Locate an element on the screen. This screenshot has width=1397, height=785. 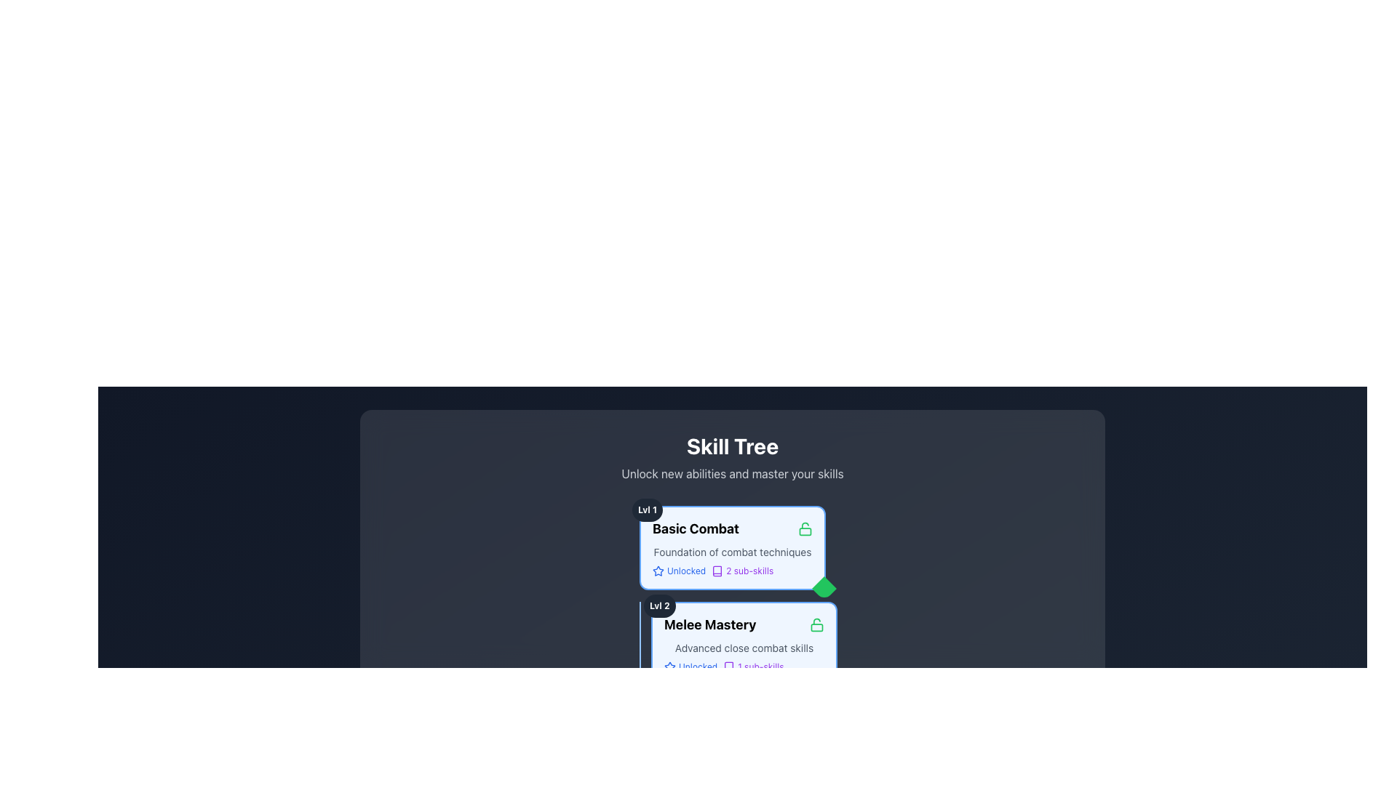
the text label displaying 'Advanced close combat skills', which is in small gray font below the 'Melee Mastery' header is located at coordinates (744, 647).